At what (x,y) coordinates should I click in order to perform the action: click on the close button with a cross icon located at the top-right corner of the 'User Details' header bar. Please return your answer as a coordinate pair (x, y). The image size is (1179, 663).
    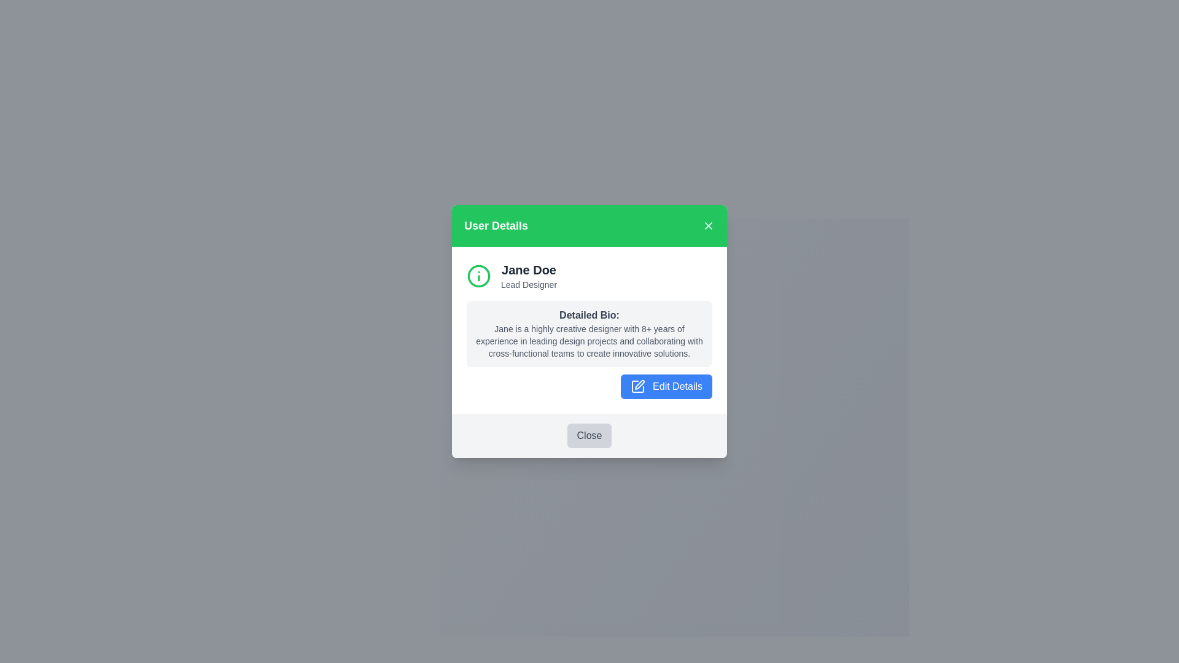
    Looking at the image, I should click on (708, 225).